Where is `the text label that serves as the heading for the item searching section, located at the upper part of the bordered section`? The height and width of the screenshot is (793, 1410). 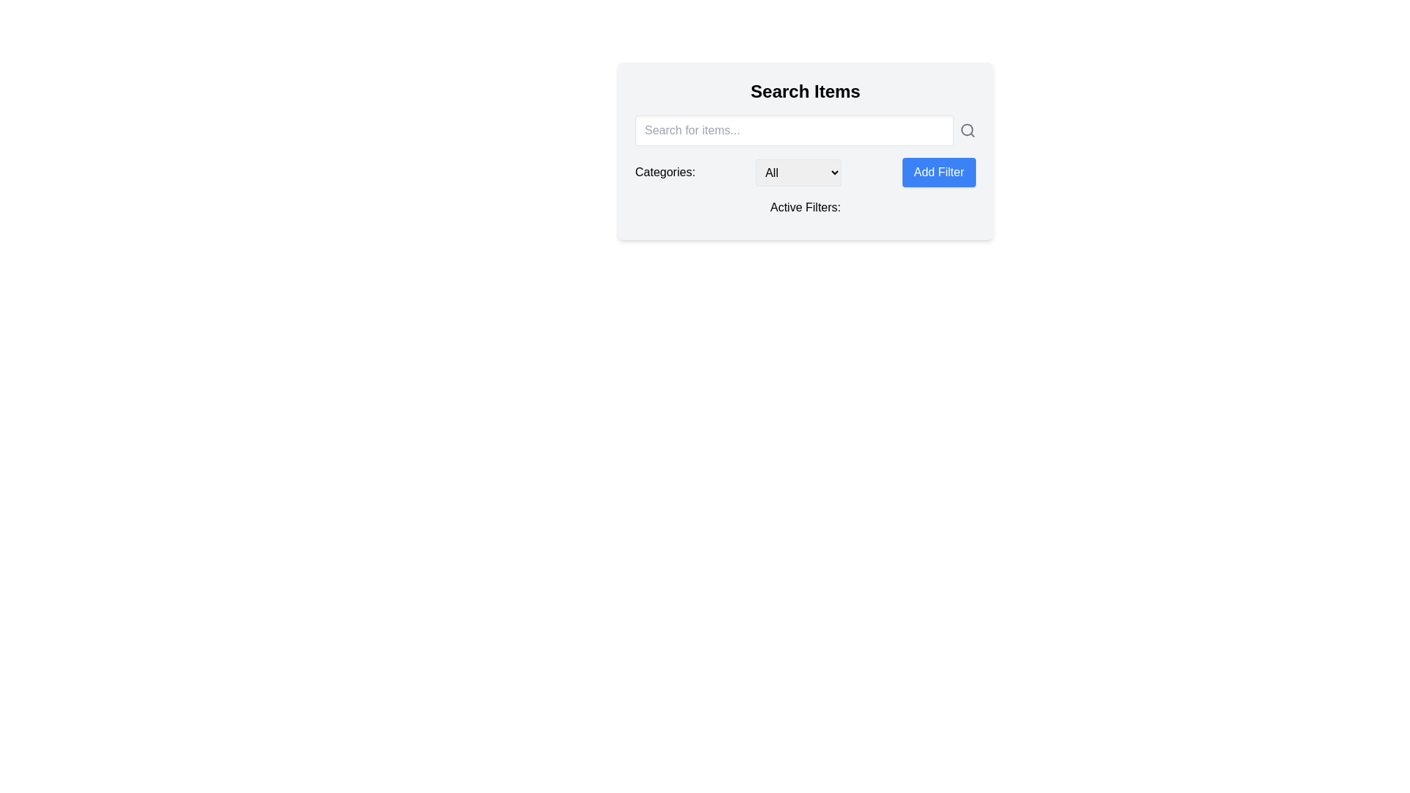 the text label that serves as the heading for the item searching section, located at the upper part of the bordered section is located at coordinates (805, 91).